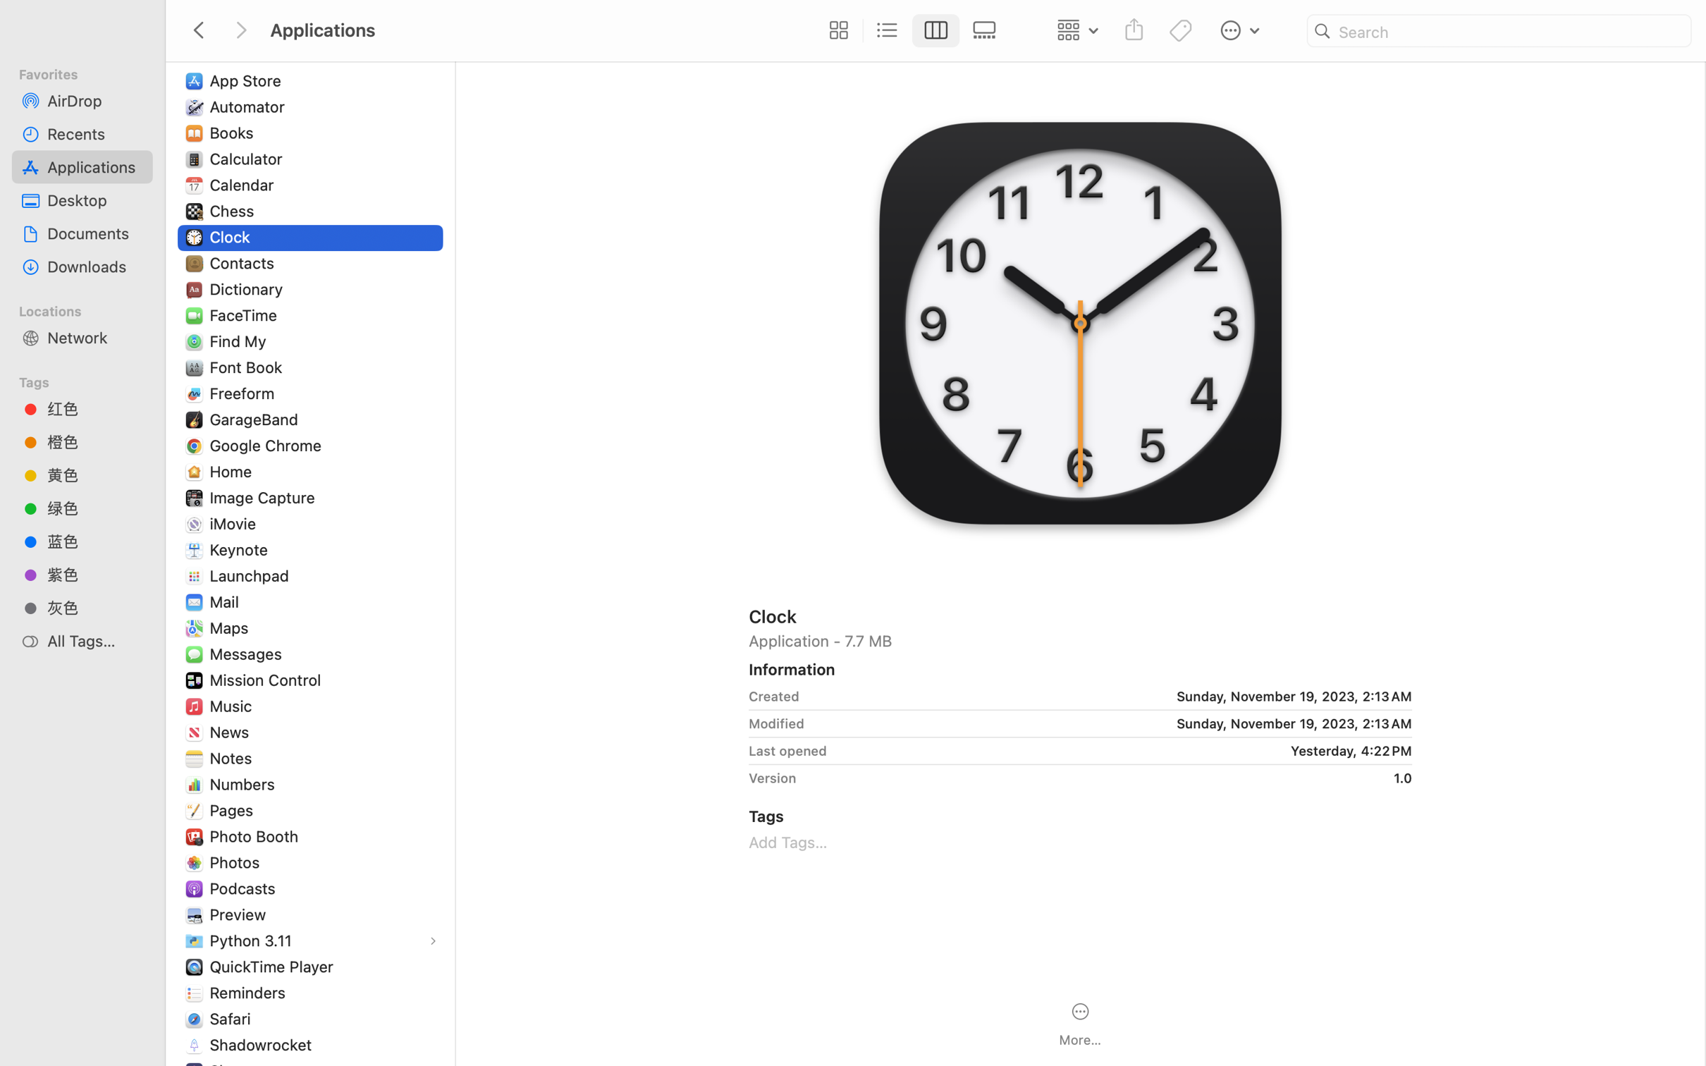 Image resolution: width=1706 pixels, height=1066 pixels. Describe the element at coordinates (94, 134) in the screenshot. I see `'Recents'` at that location.